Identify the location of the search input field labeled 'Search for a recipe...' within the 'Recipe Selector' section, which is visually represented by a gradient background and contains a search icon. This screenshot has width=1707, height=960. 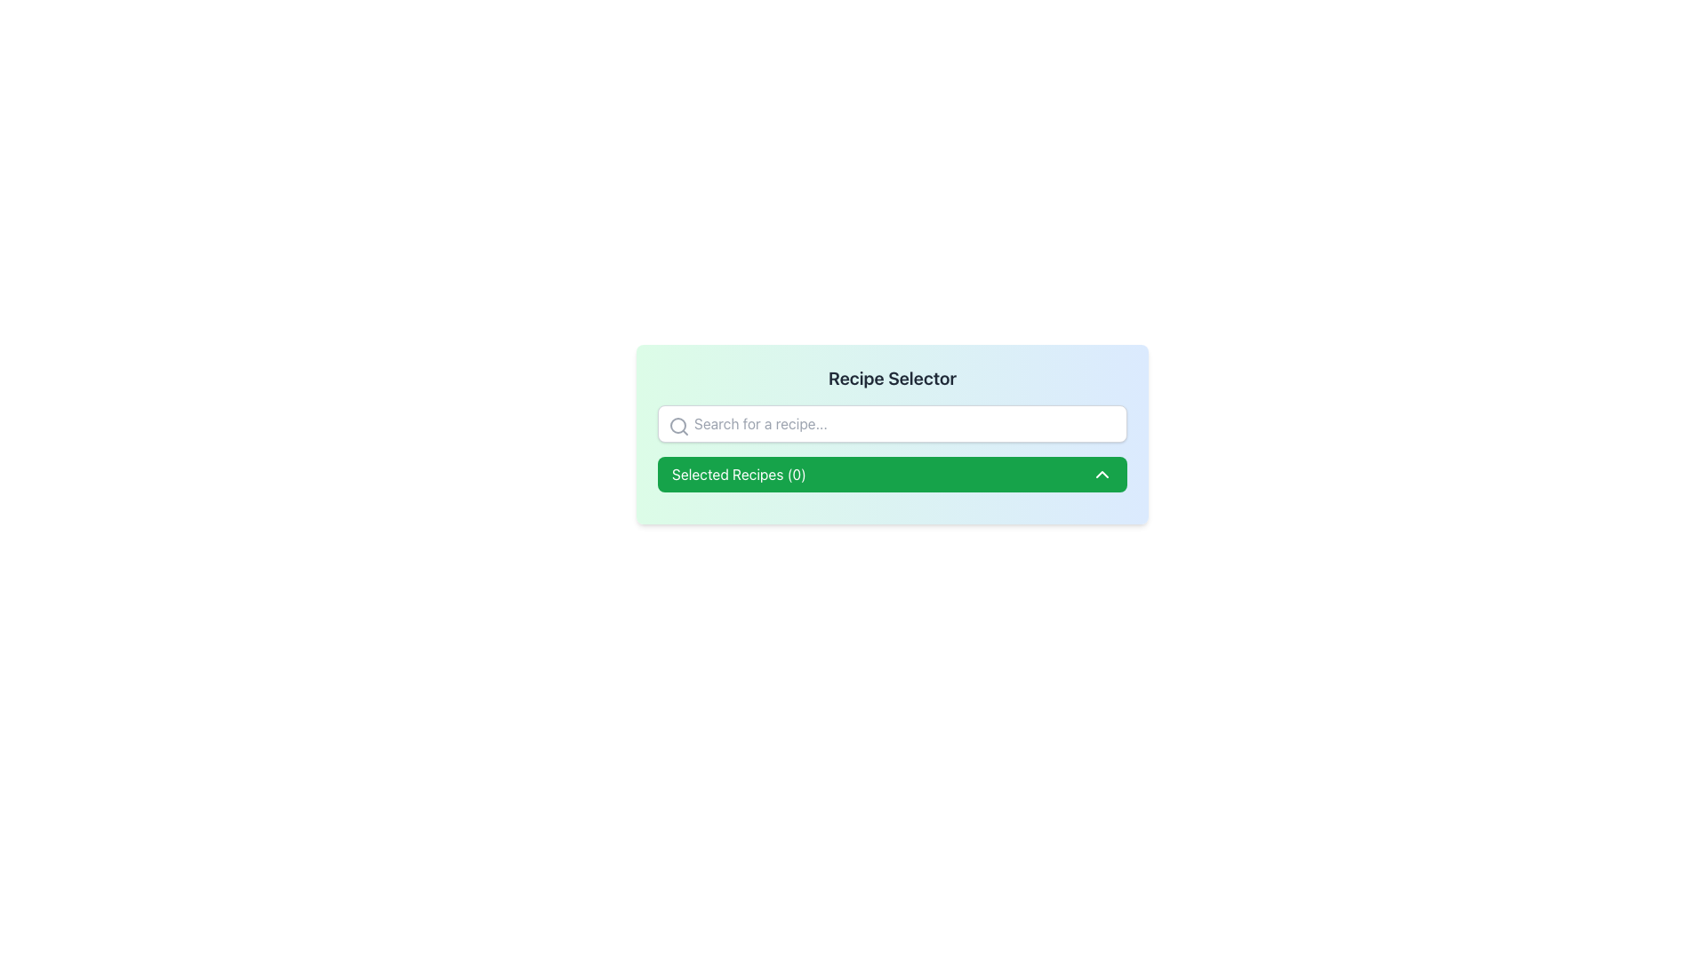
(892, 435).